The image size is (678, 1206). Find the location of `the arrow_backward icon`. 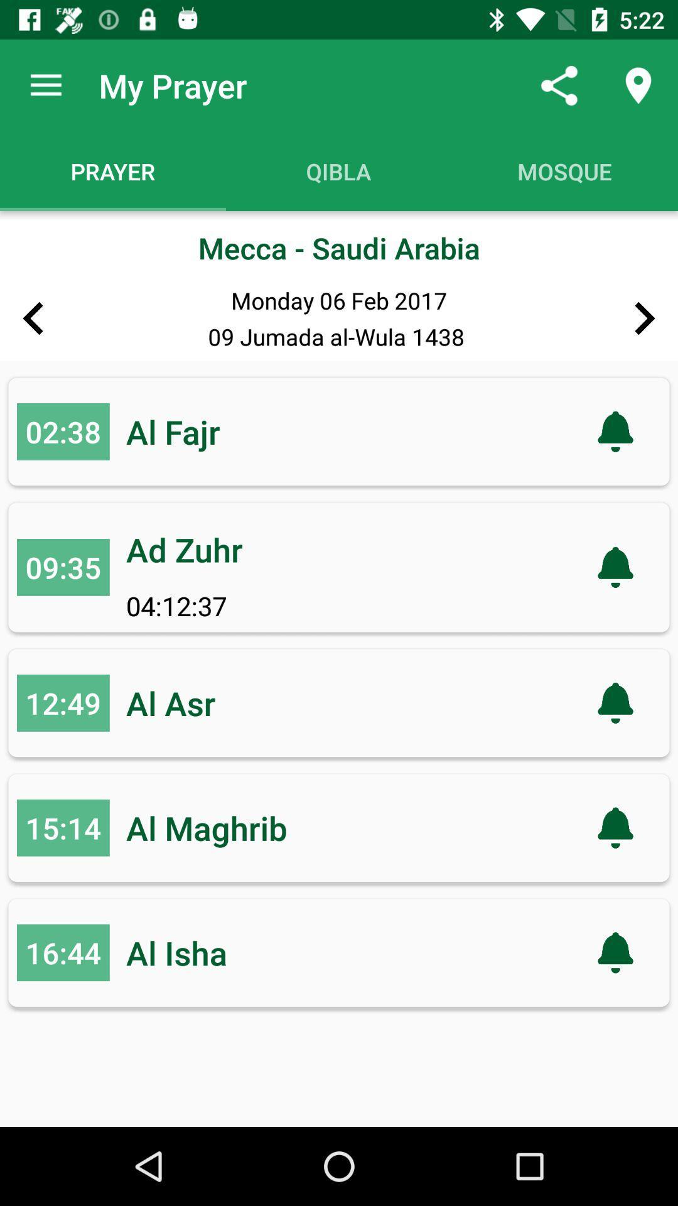

the arrow_backward icon is located at coordinates (32, 318).